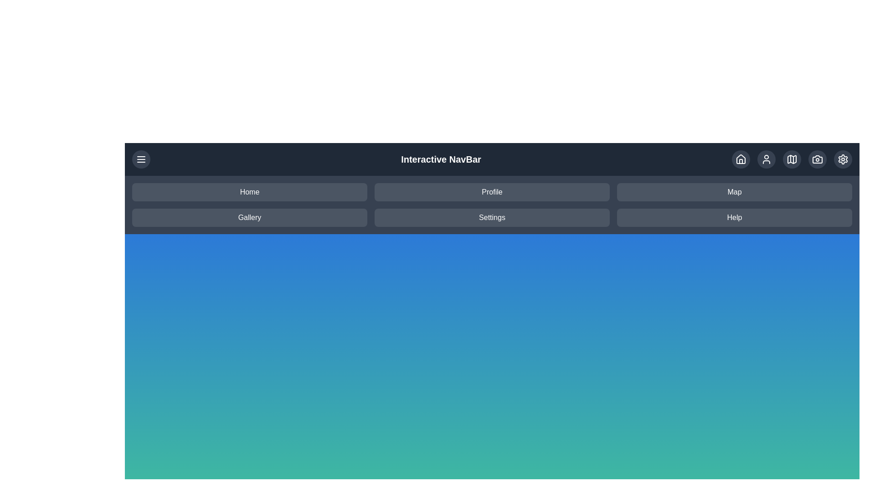  I want to click on the menu item labeled Help, so click(735, 218).